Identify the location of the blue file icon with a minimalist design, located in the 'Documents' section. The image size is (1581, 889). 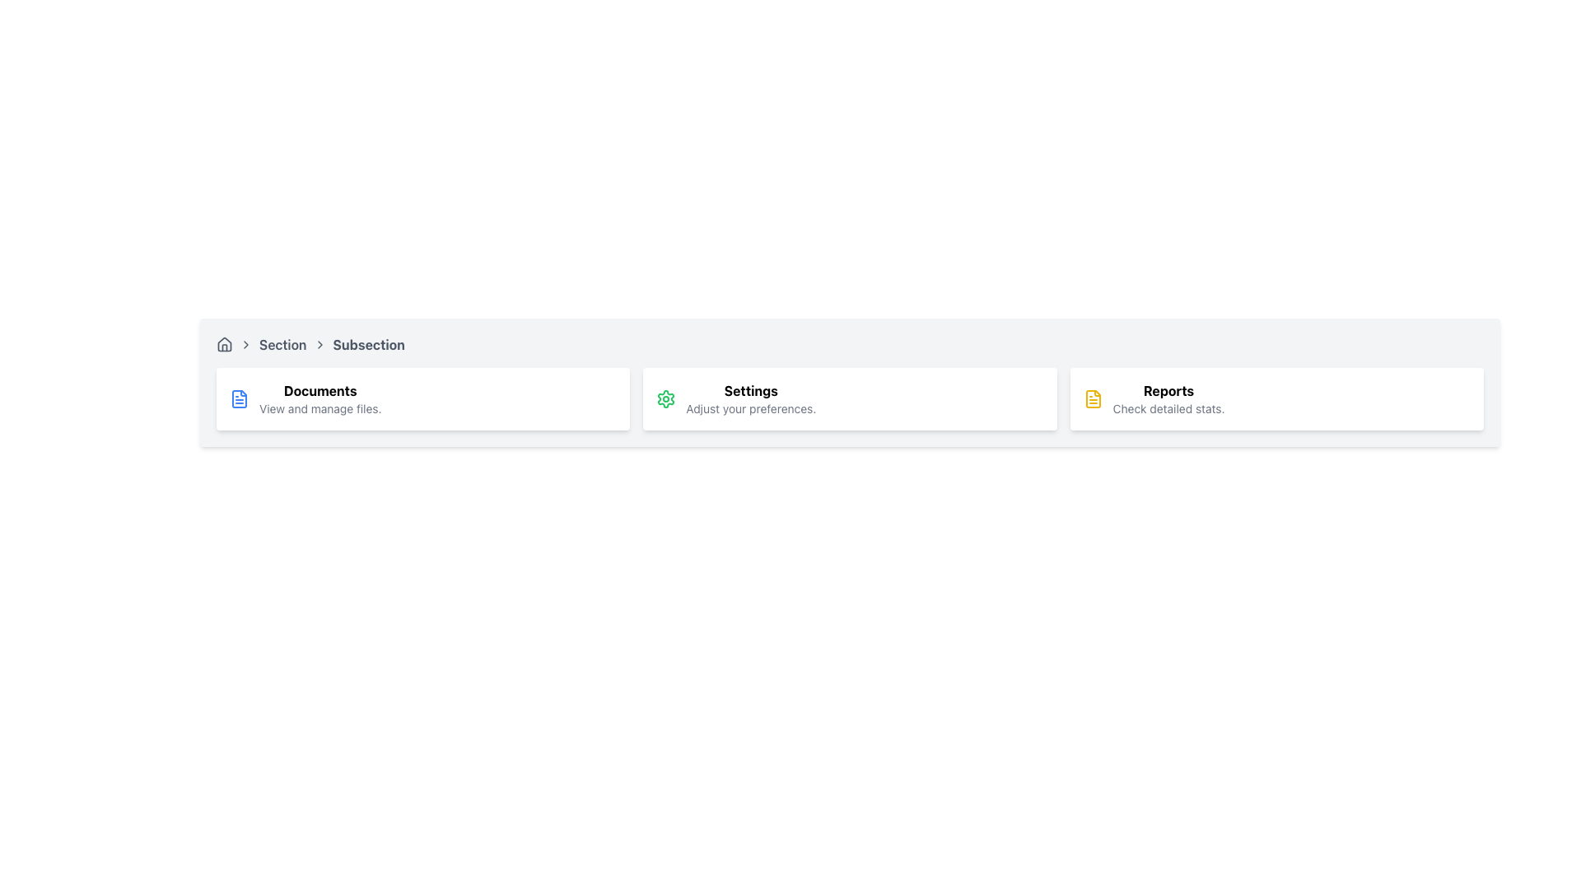
(239, 399).